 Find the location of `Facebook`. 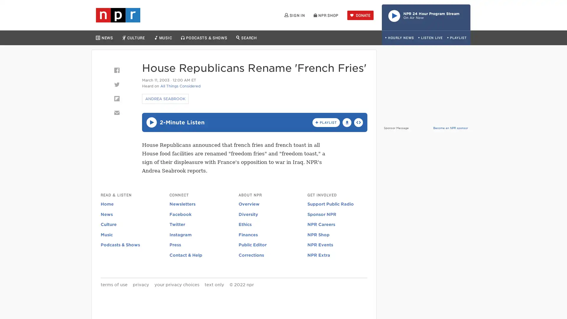

Facebook is located at coordinates (116, 70).